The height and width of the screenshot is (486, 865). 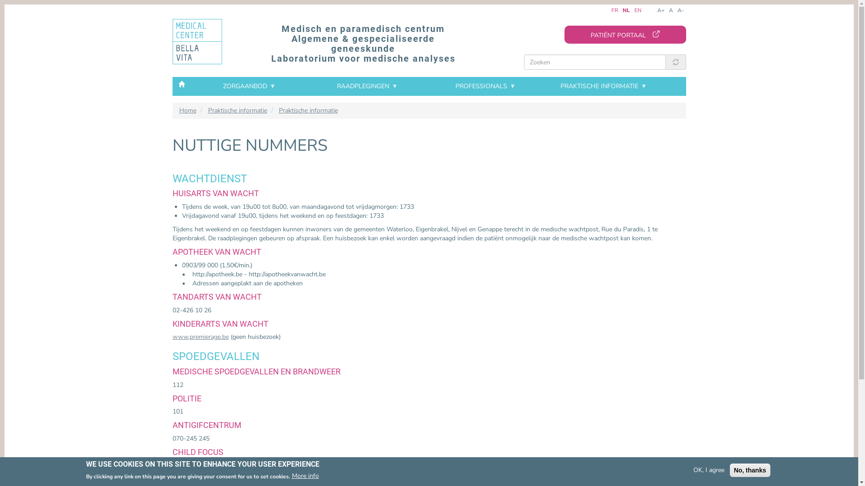 I want to click on 'LABORATORIUM VOOR MEDISCHE ANALYSES', so click(x=230, y=190).